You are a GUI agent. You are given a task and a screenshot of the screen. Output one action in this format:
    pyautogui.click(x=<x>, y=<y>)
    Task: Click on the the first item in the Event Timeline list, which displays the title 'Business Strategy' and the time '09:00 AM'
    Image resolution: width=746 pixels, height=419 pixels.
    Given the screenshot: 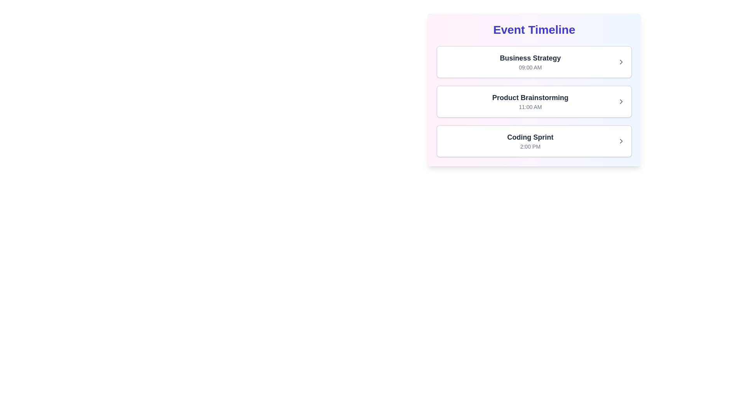 What is the action you would take?
    pyautogui.click(x=533, y=61)
    